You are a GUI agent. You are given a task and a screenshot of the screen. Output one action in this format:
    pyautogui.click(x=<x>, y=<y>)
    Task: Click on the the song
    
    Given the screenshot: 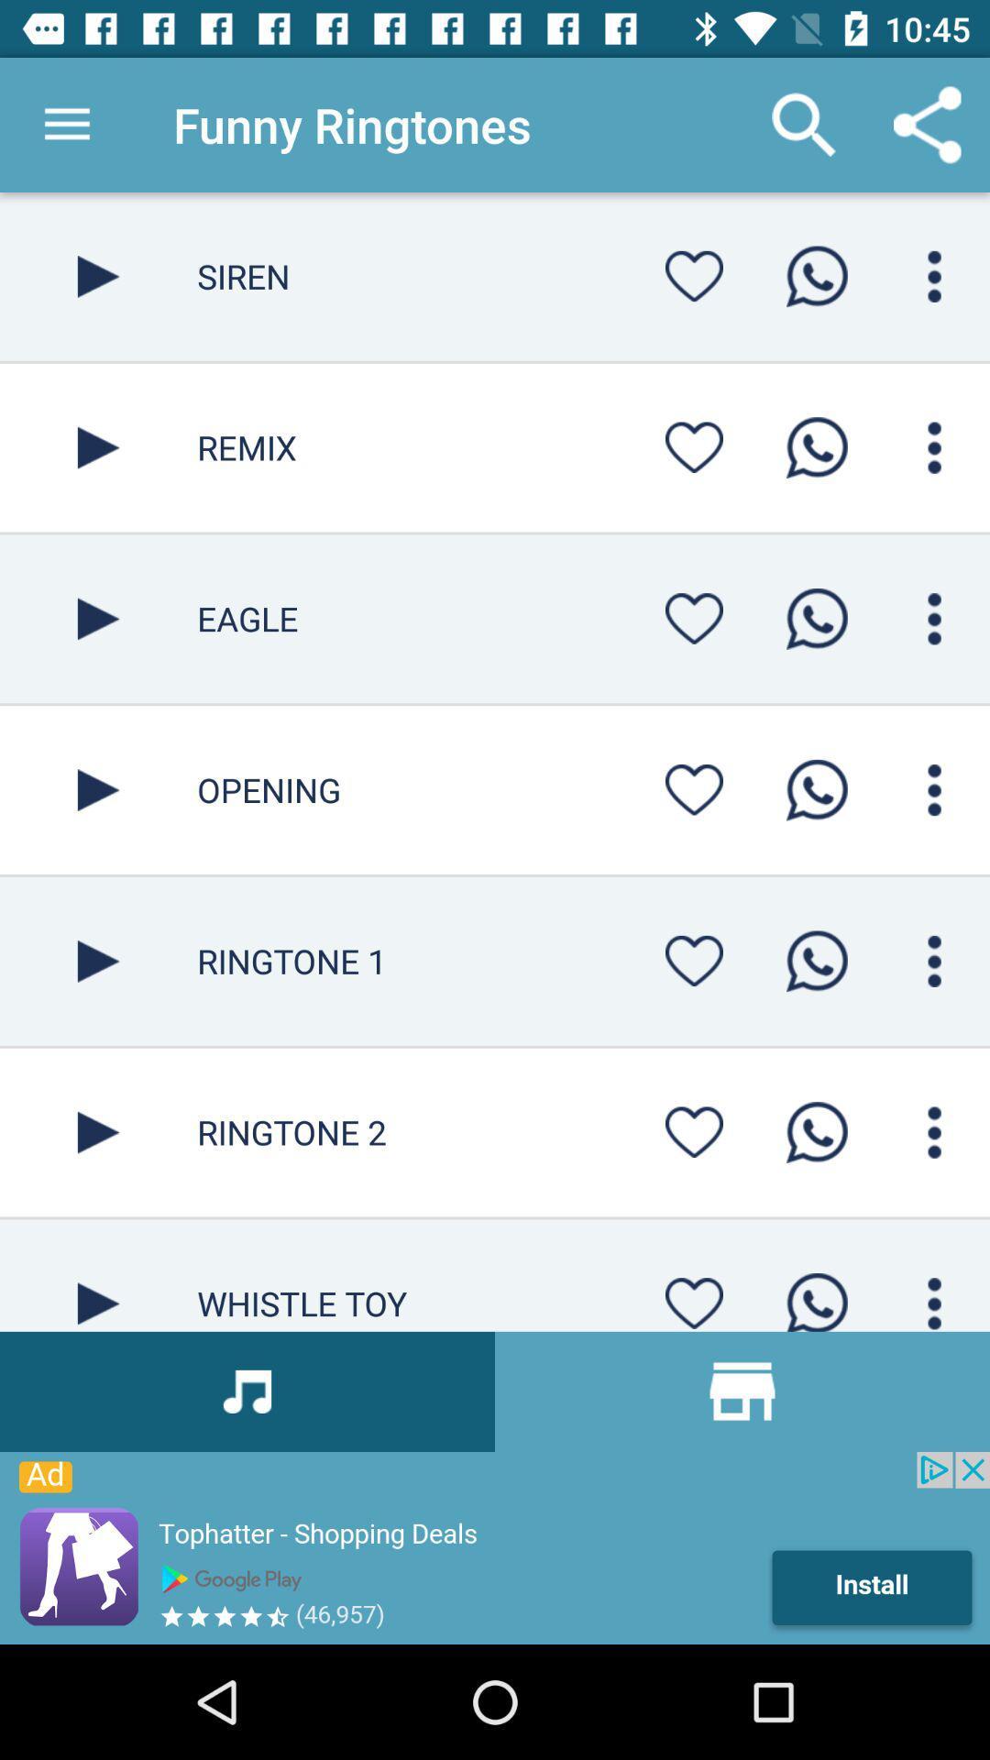 What is the action you would take?
    pyautogui.click(x=98, y=447)
    